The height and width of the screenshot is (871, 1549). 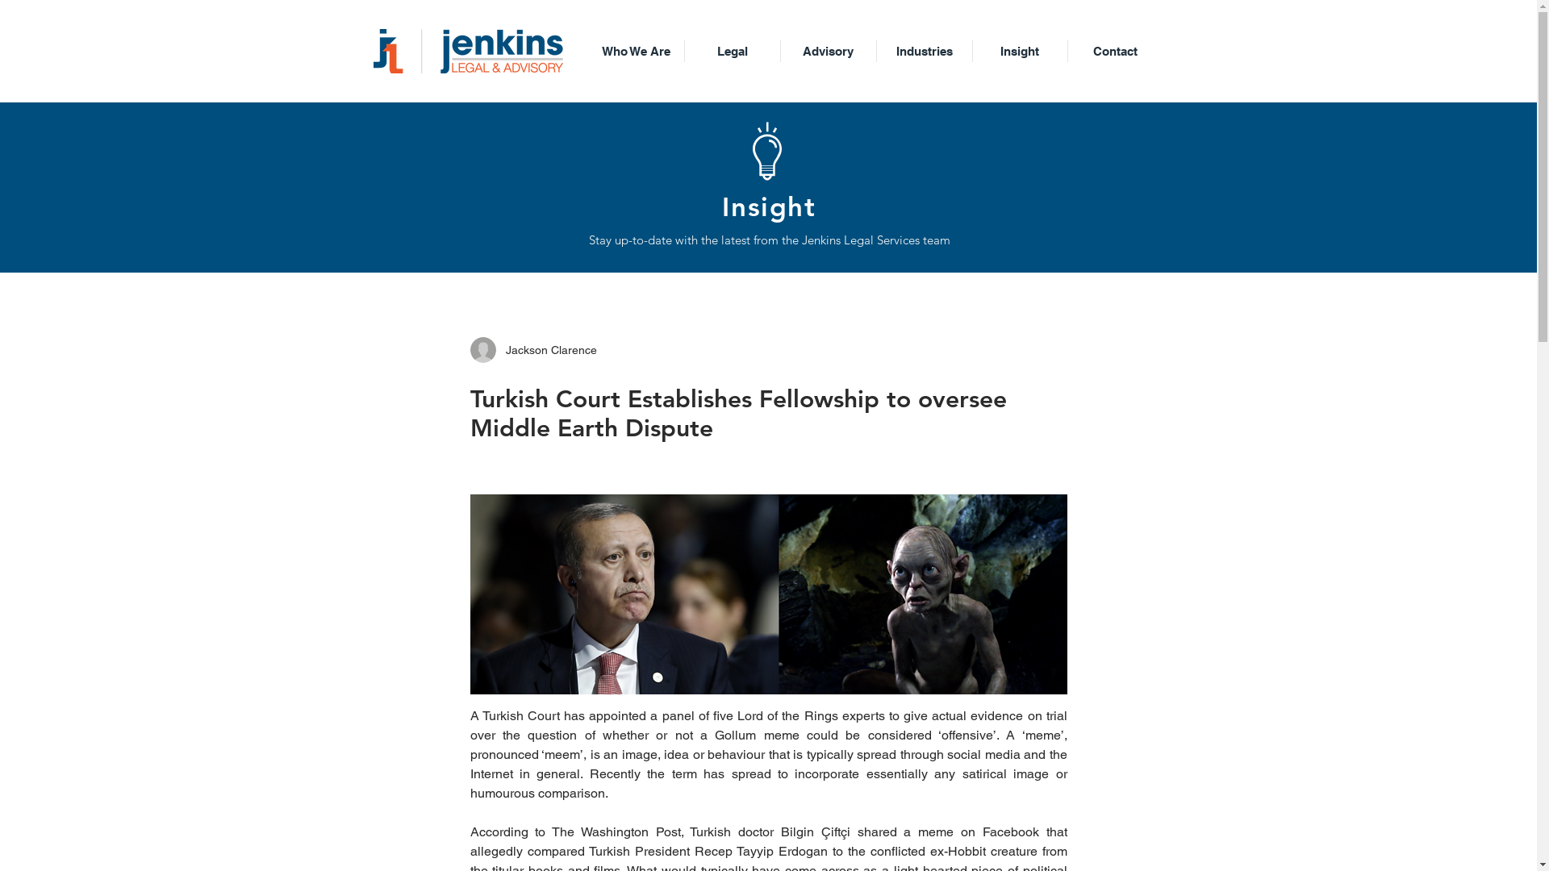 What do you see at coordinates (731, 50) in the screenshot?
I see `'Legal'` at bounding box center [731, 50].